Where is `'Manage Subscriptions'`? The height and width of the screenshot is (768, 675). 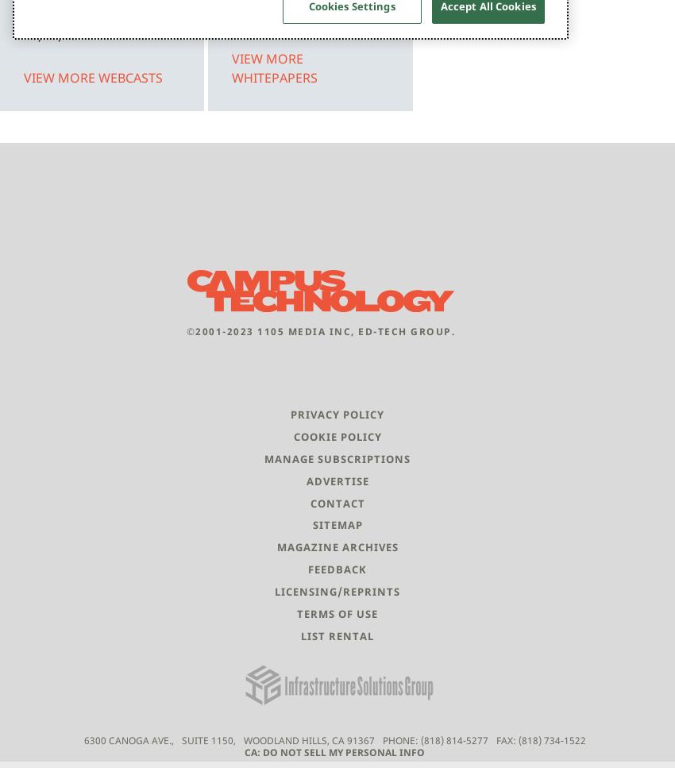
'Manage Subscriptions' is located at coordinates (337, 457).